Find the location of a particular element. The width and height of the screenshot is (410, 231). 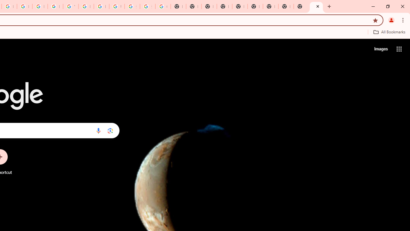

'Google Images' is located at coordinates (163, 6).